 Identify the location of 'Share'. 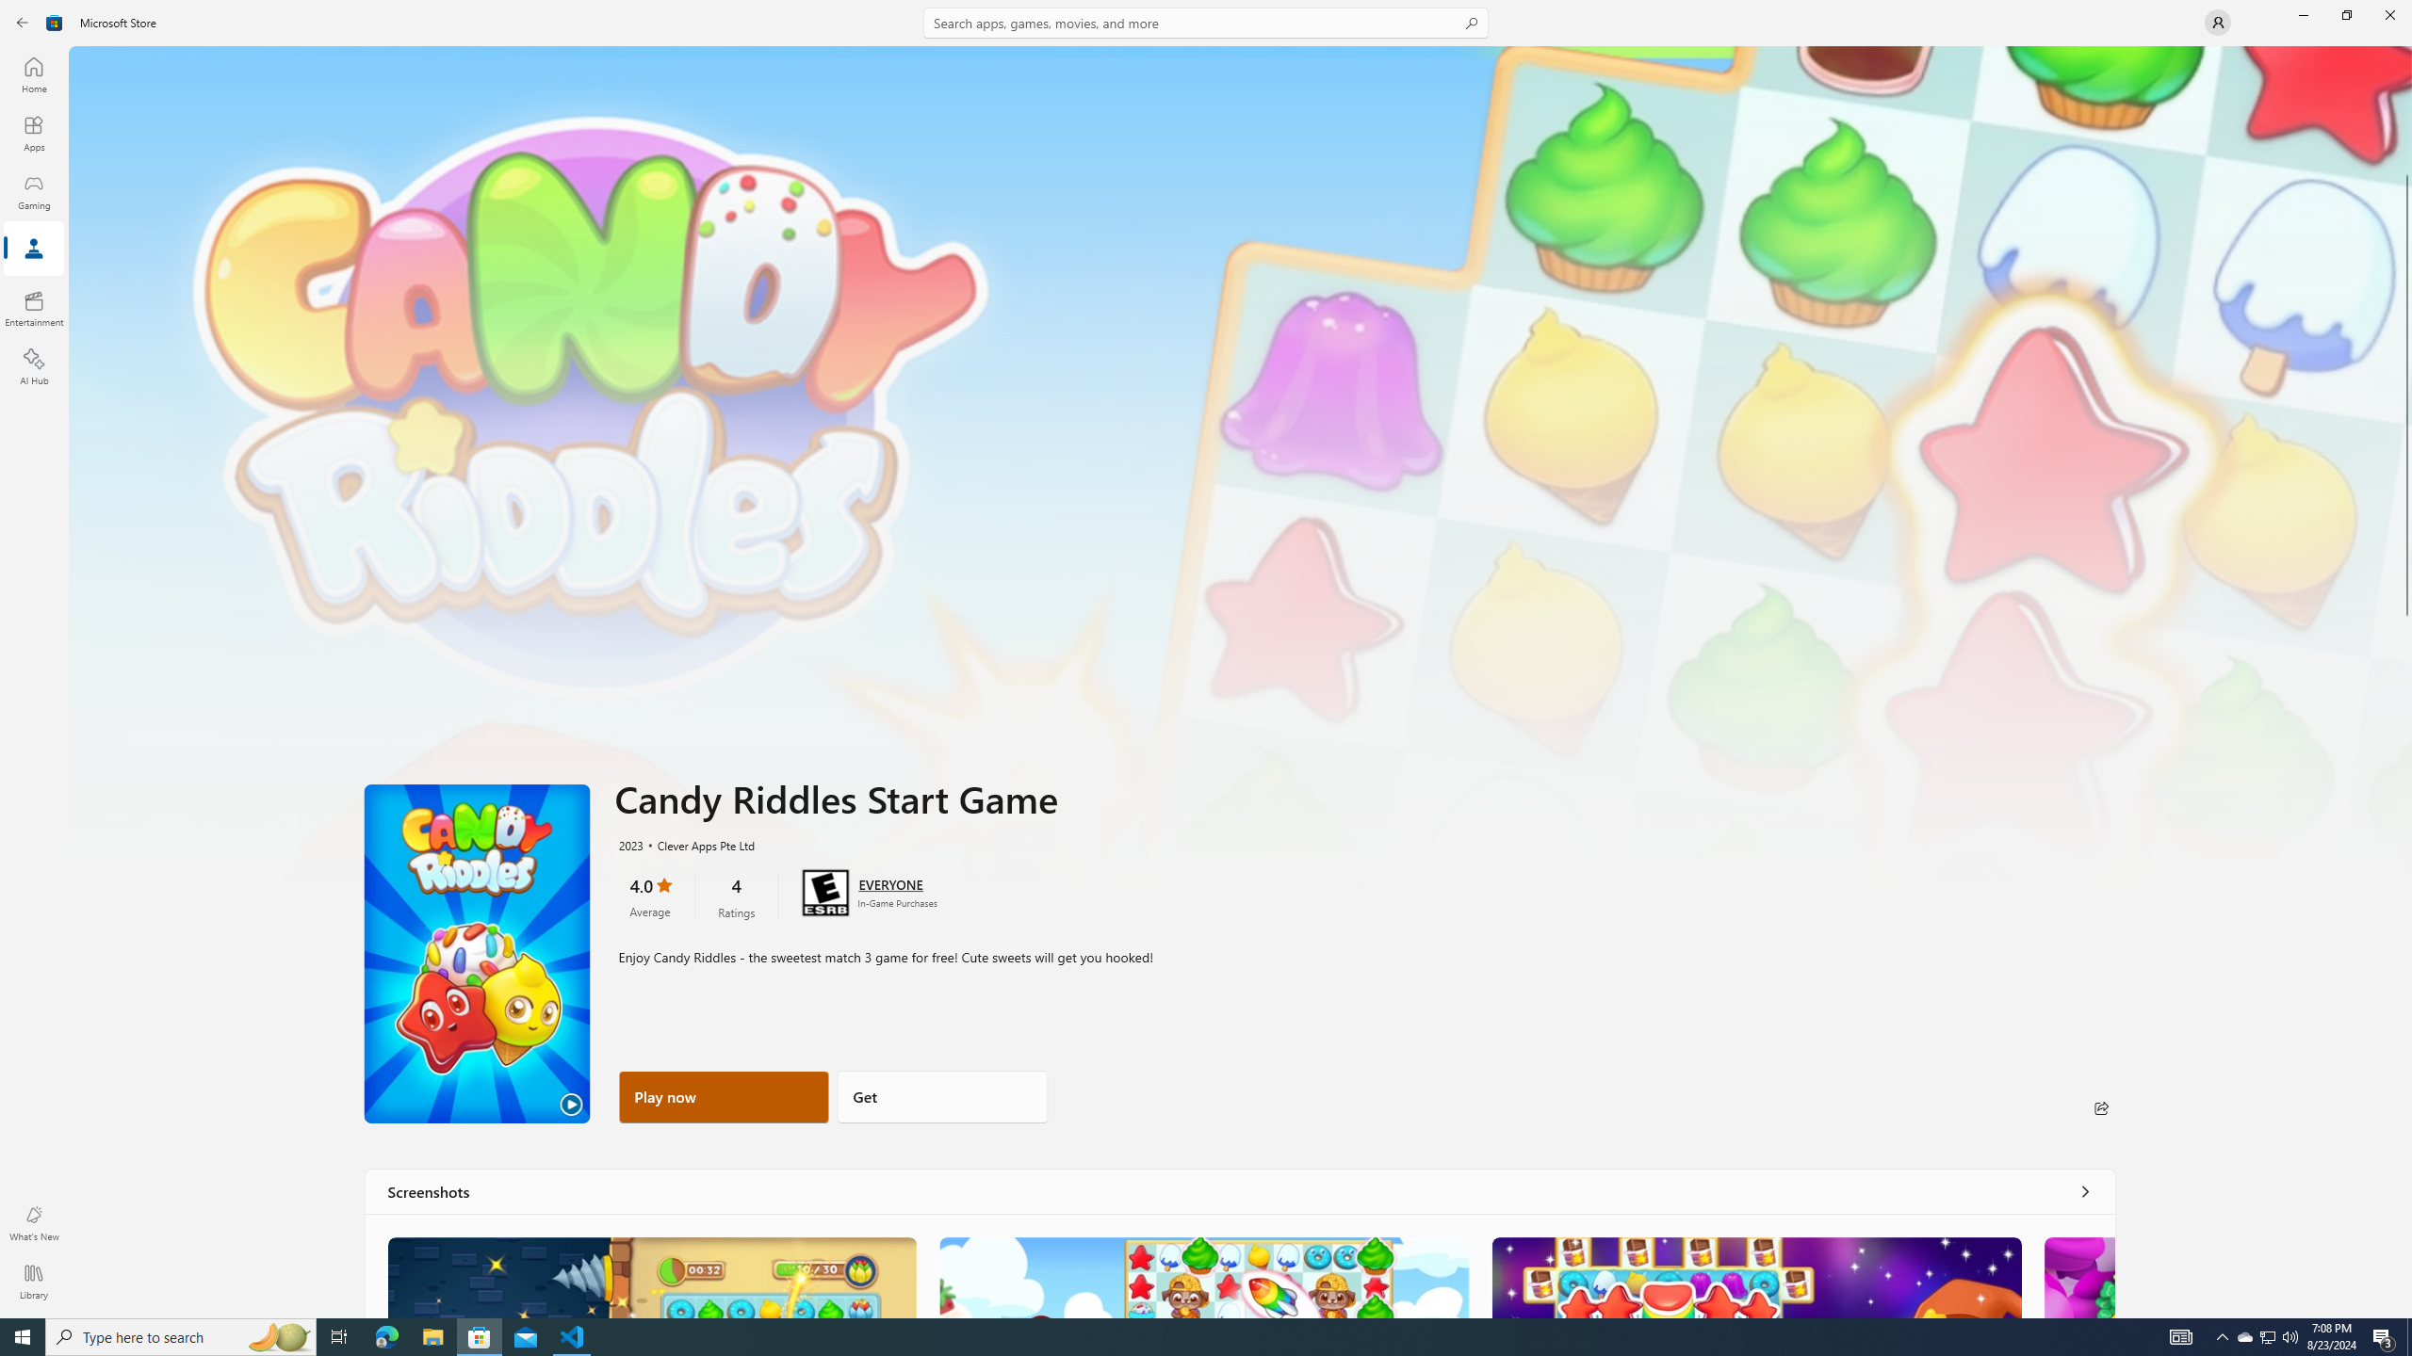
(2100, 1106).